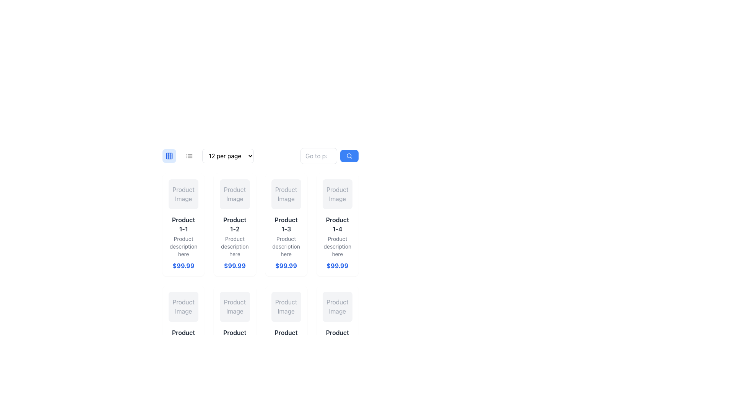 This screenshot has height=413, width=734. Describe the element at coordinates (260, 156) in the screenshot. I see `the dropdown menu located in the toolbar section above the main content grid` at that location.